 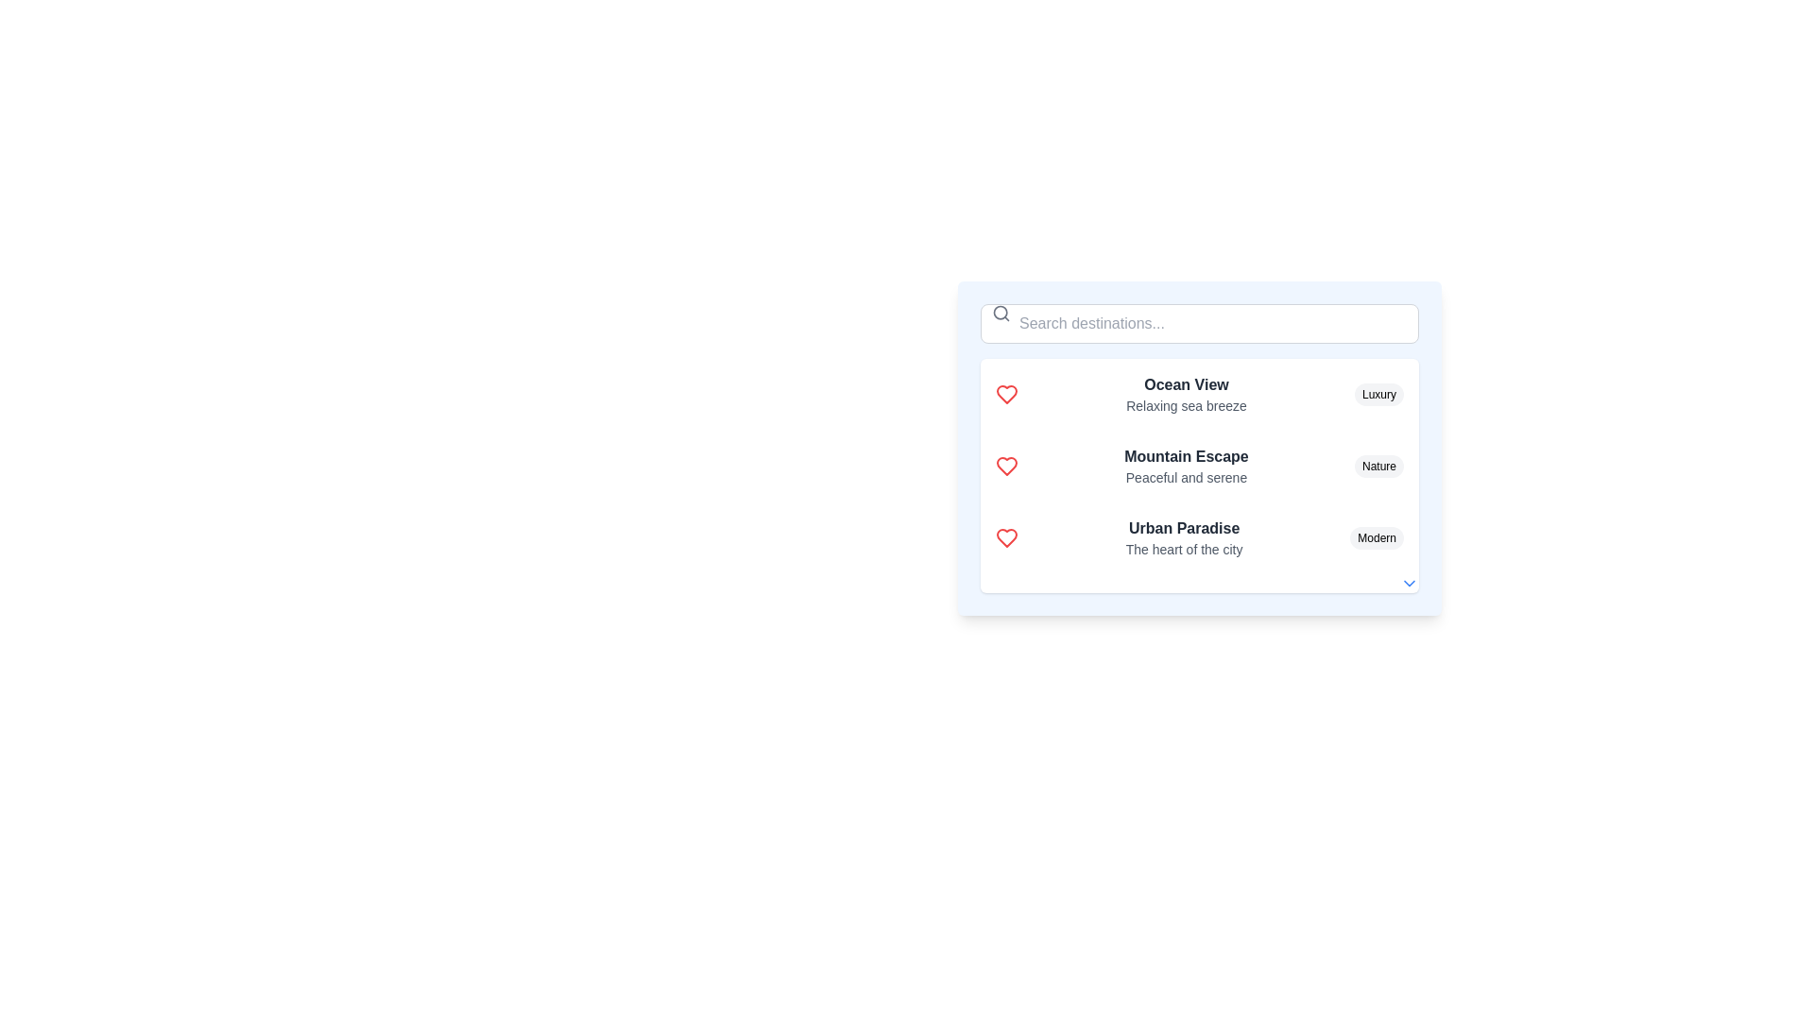 I want to click on text on the tag located in the bottom-right corner of the list item labeled 'Urban Paradise', adjacent to the descriptive text 'The heart of the city', so click(x=1377, y=538).